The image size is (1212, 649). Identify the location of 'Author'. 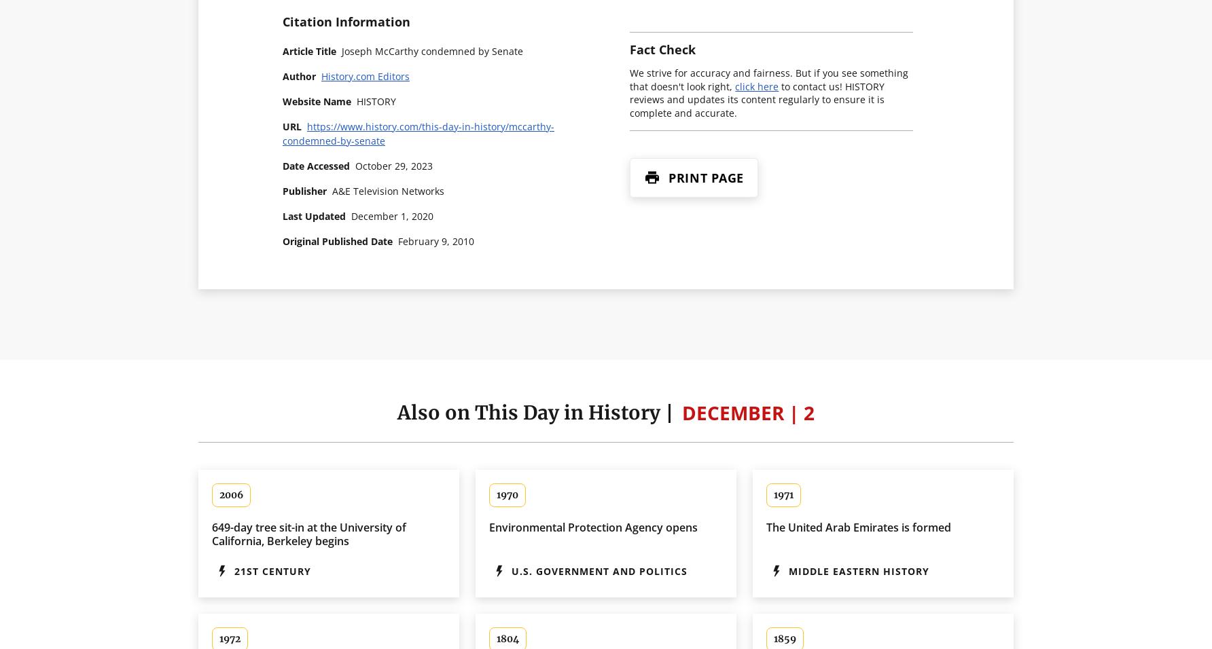
(298, 75).